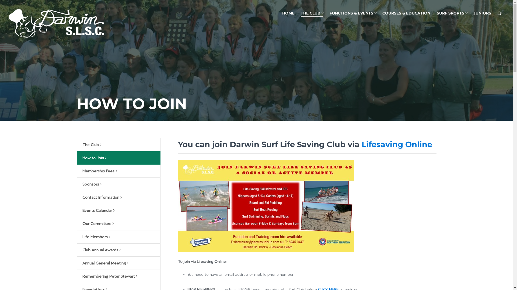 This screenshot has width=517, height=290. Describe the element at coordinates (118, 276) in the screenshot. I see `'Remembering Peter Stewart '` at that location.